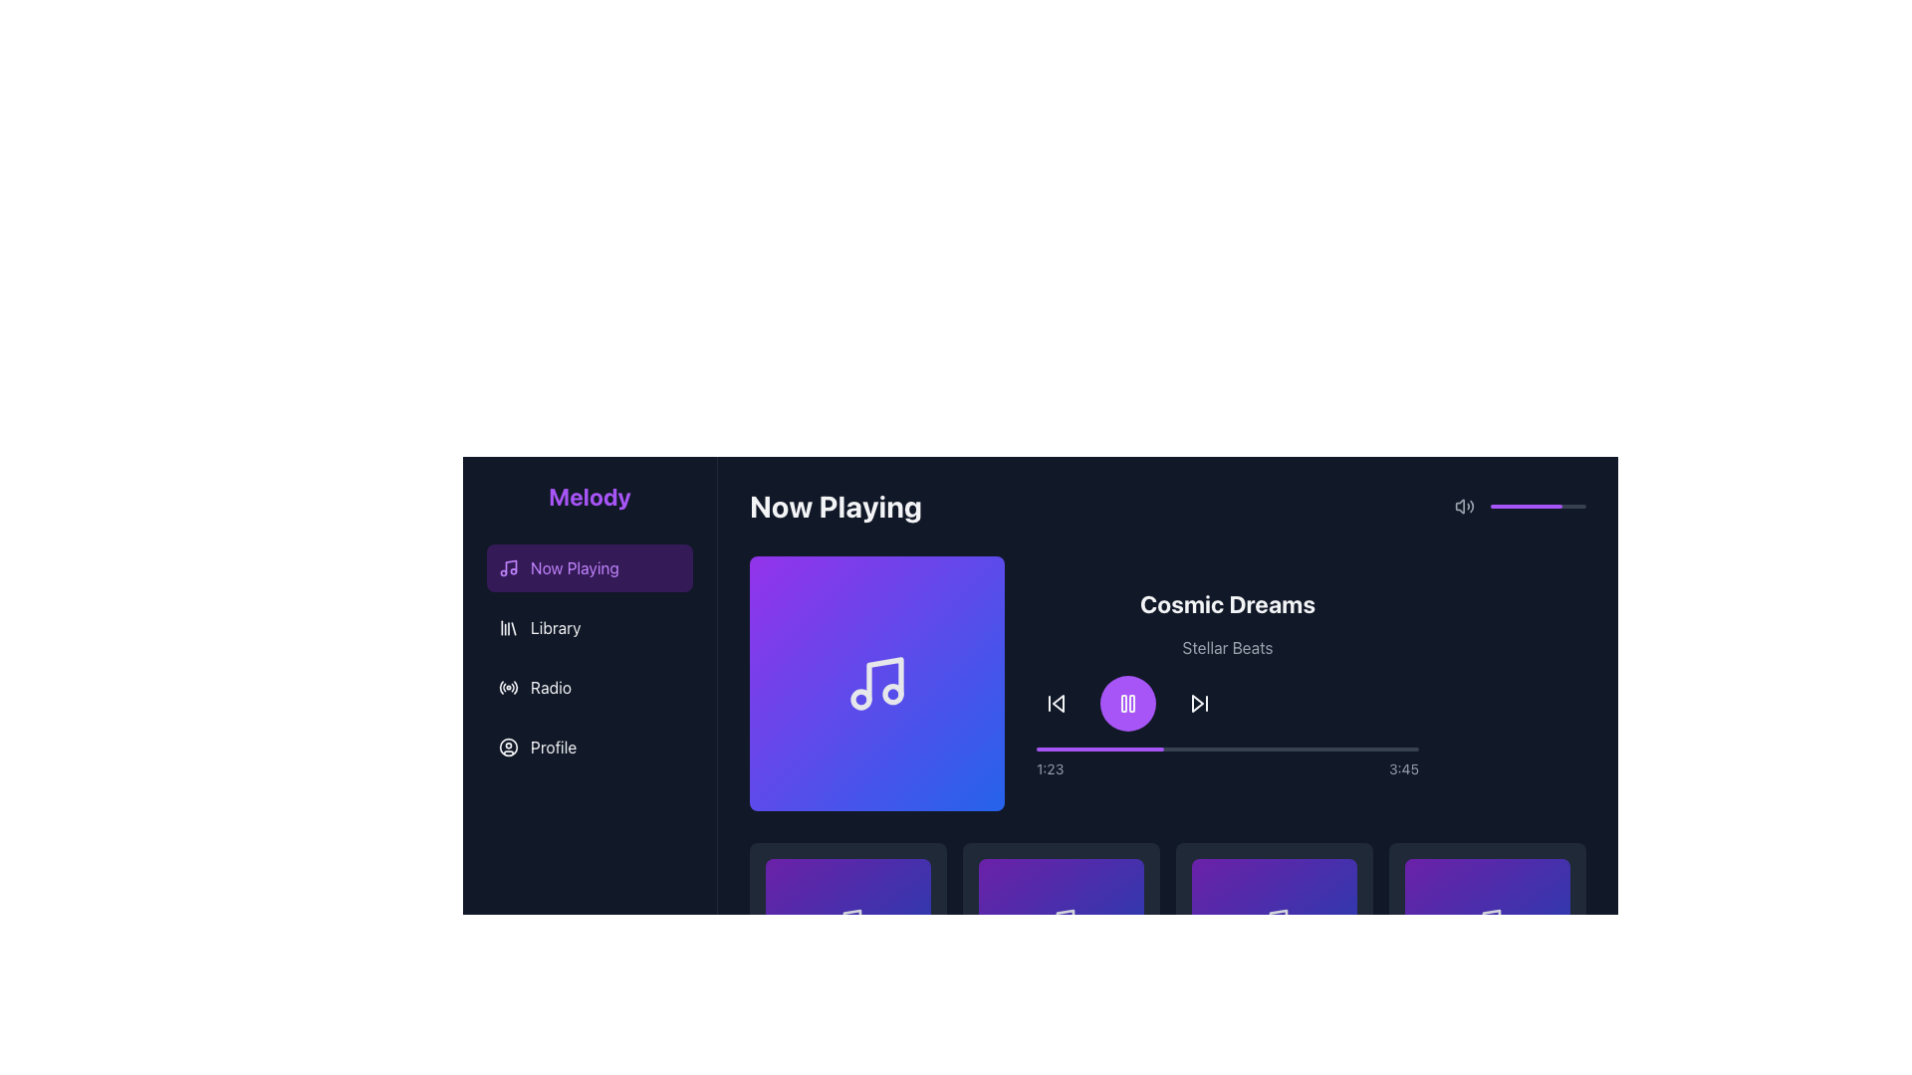 This screenshot has height=1075, width=1912. What do you see at coordinates (1557, 506) in the screenshot?
I see `the slider` at bounding box center [1557, 506].